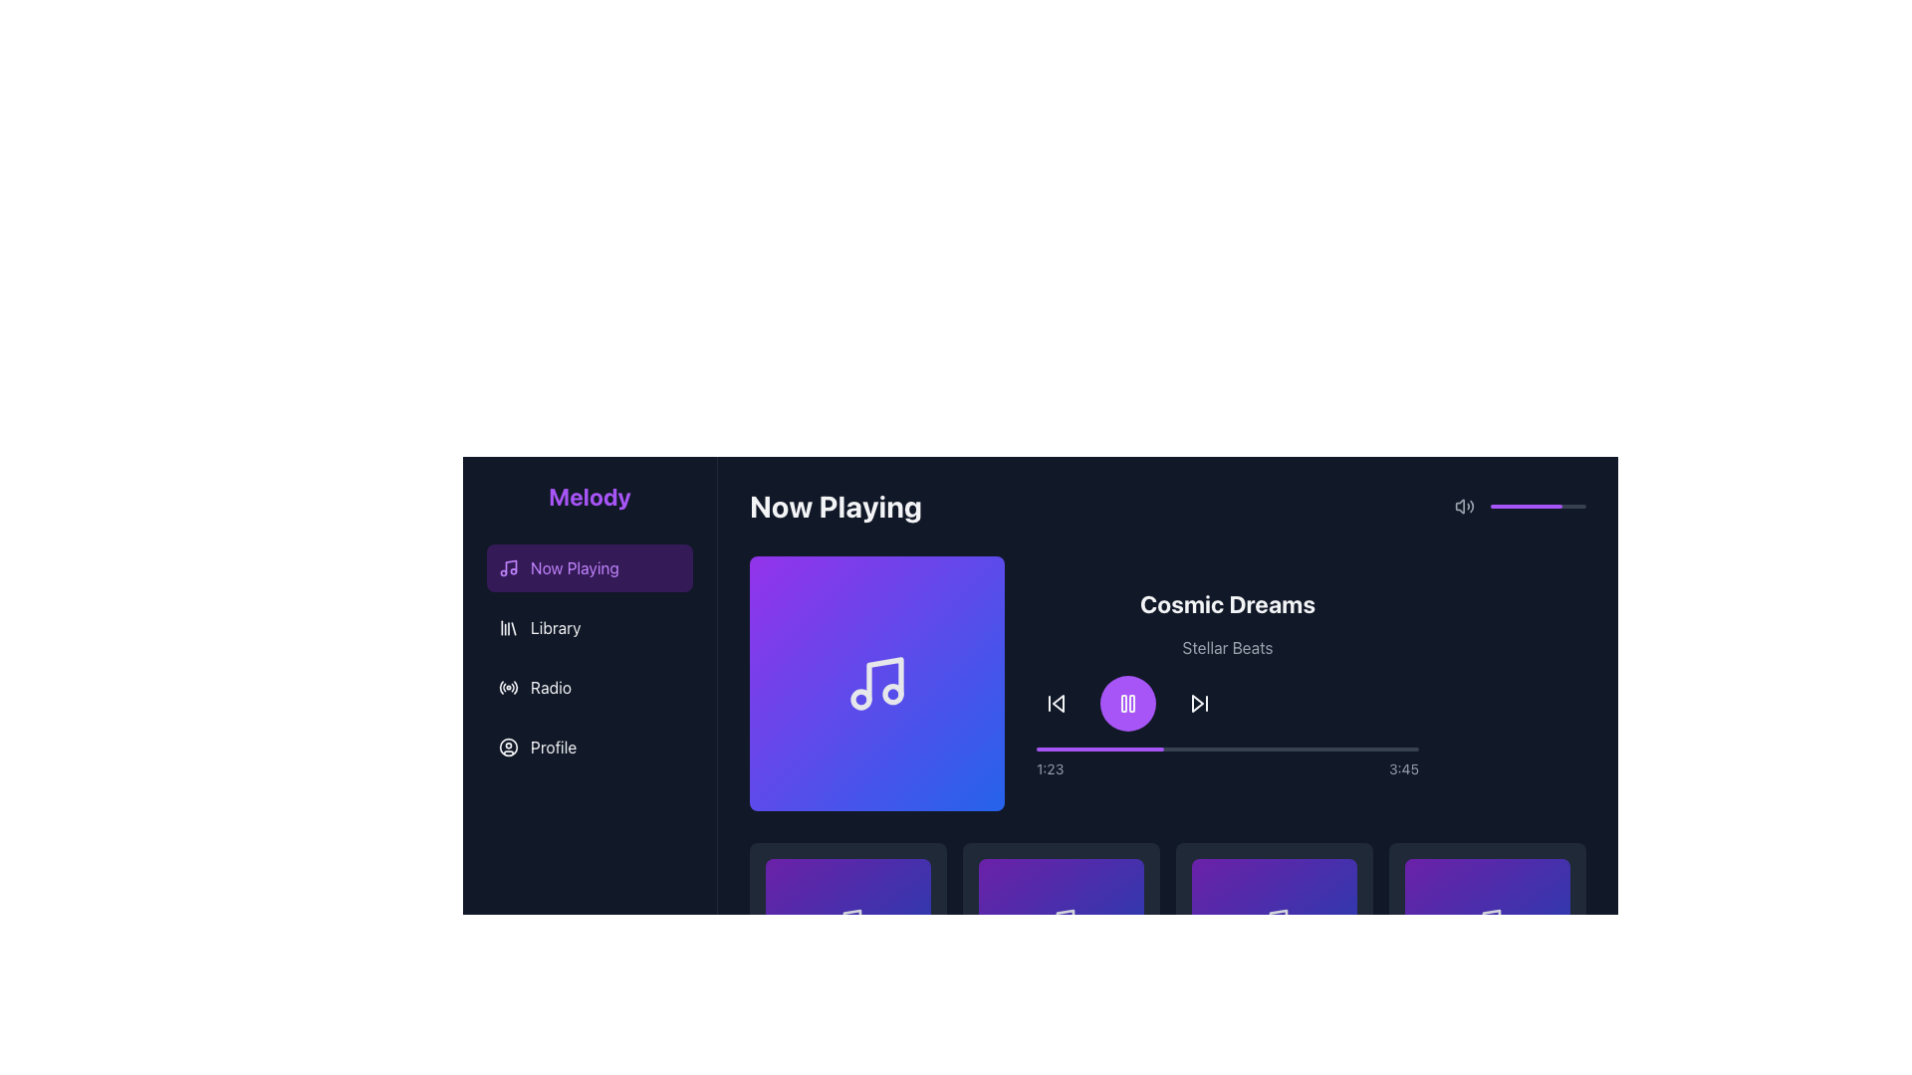 This screenshot has height=1075, width=1912. What do you see at coordinates (1557, 506) in the screenshot?
I see `the slider` at bounding box center [1557, 506].